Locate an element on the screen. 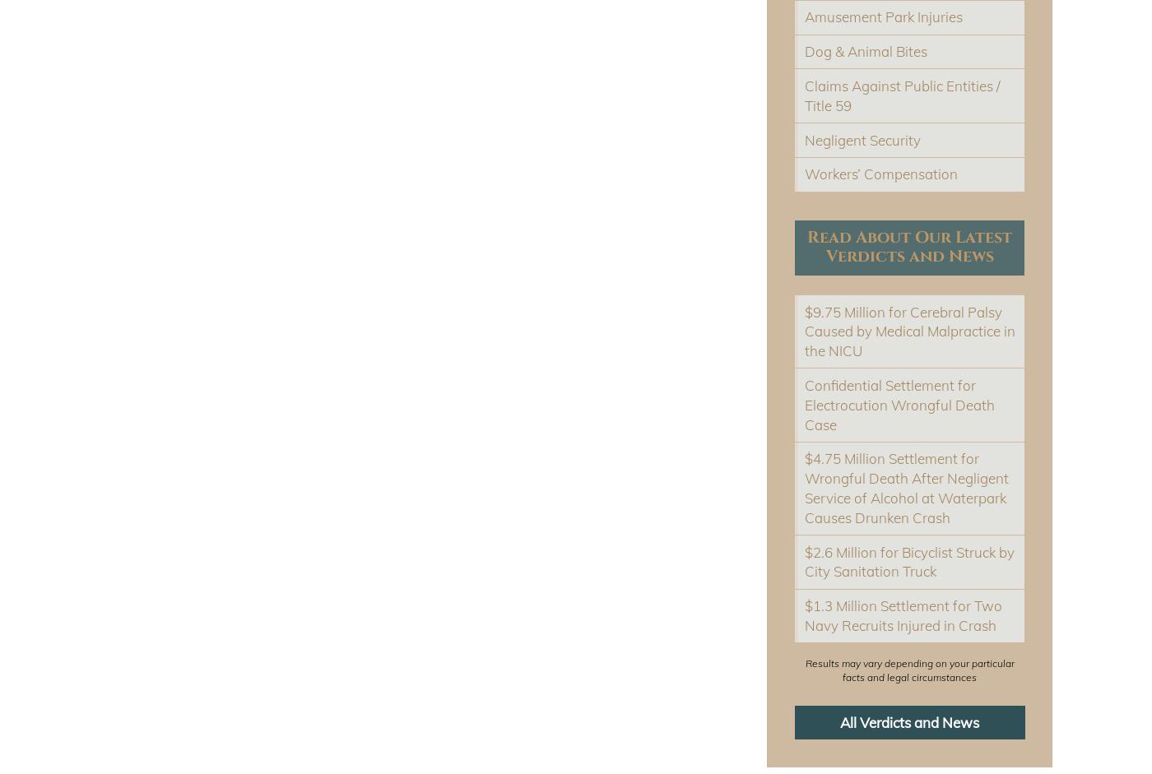  'Read About Our Latest Verdicts and News' is located at coordinates (909, 246).